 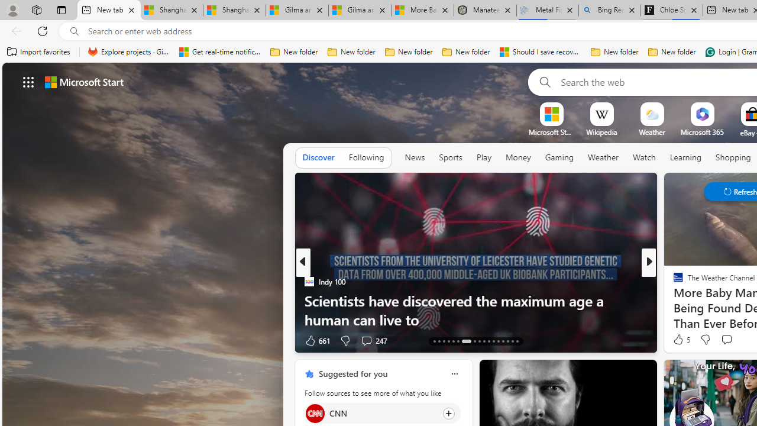 I want to click on 'View comments 5 Comment', so click(x=733, y=340).